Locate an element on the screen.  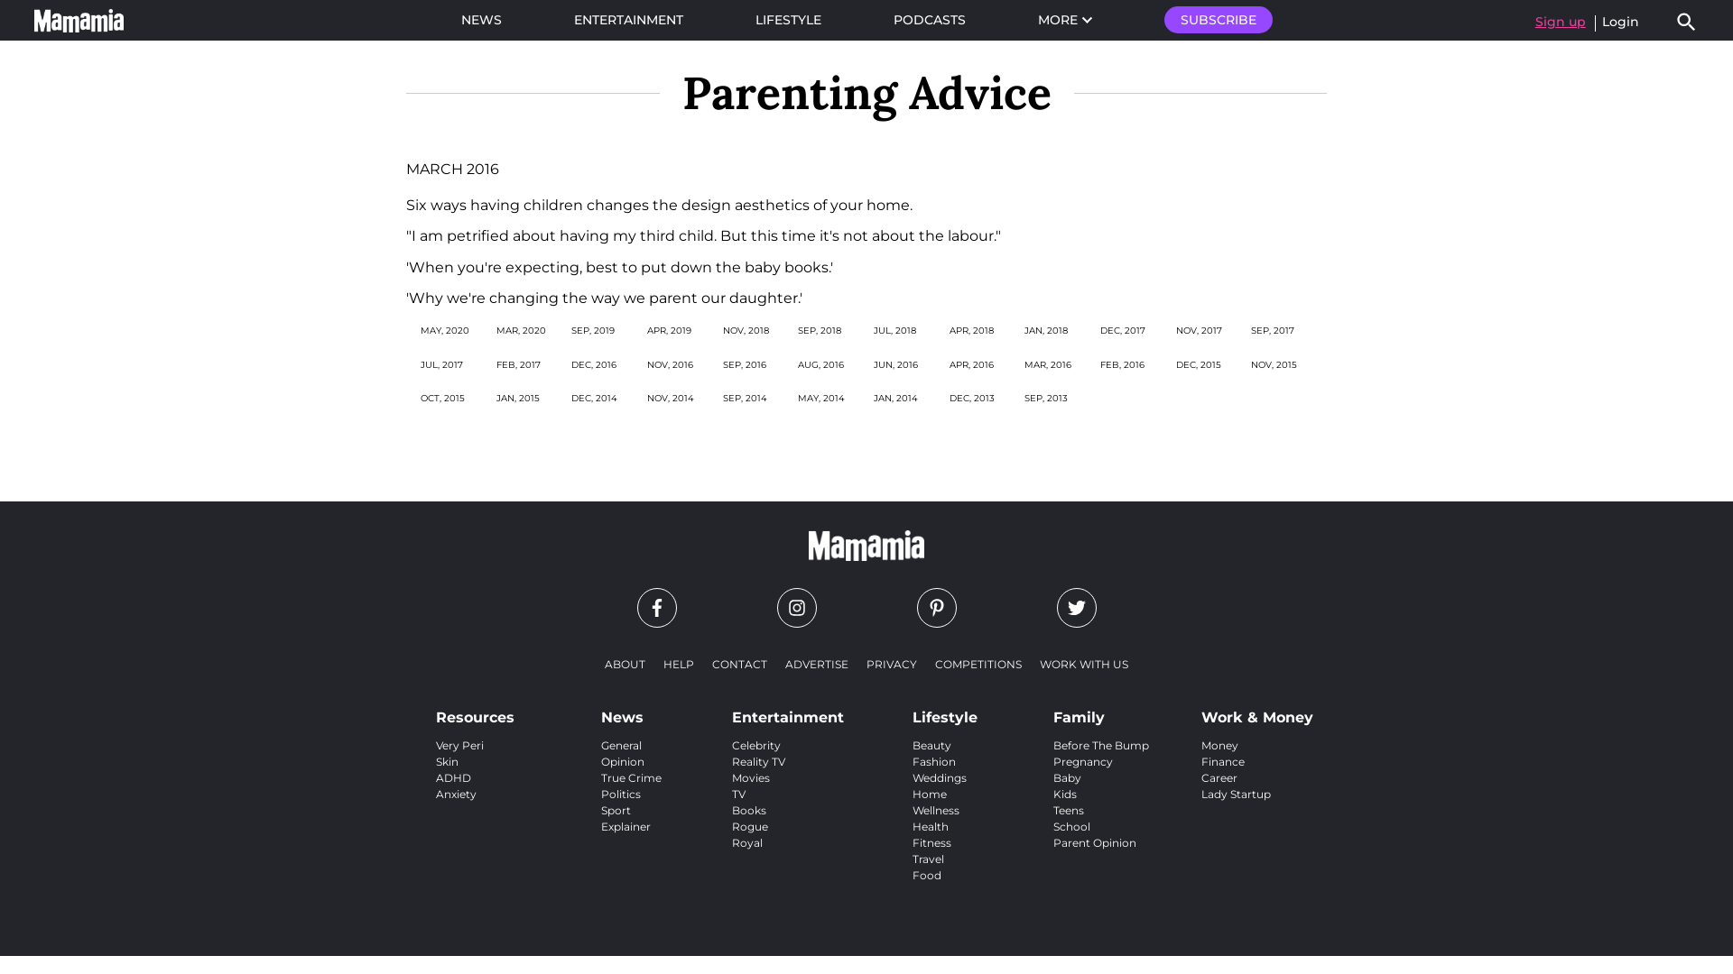
'CONTACT' is located at coordinates (739, 664).